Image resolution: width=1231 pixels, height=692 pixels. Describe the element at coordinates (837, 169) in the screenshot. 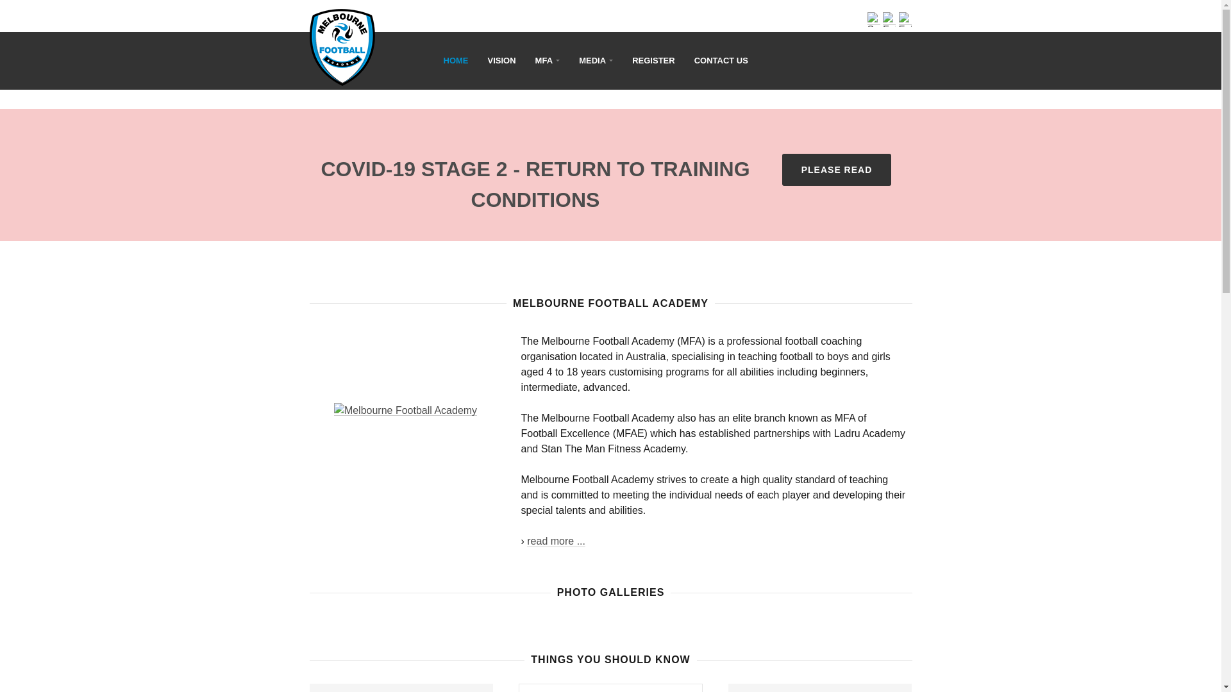

I see `'PLEASE READ'` at that location.